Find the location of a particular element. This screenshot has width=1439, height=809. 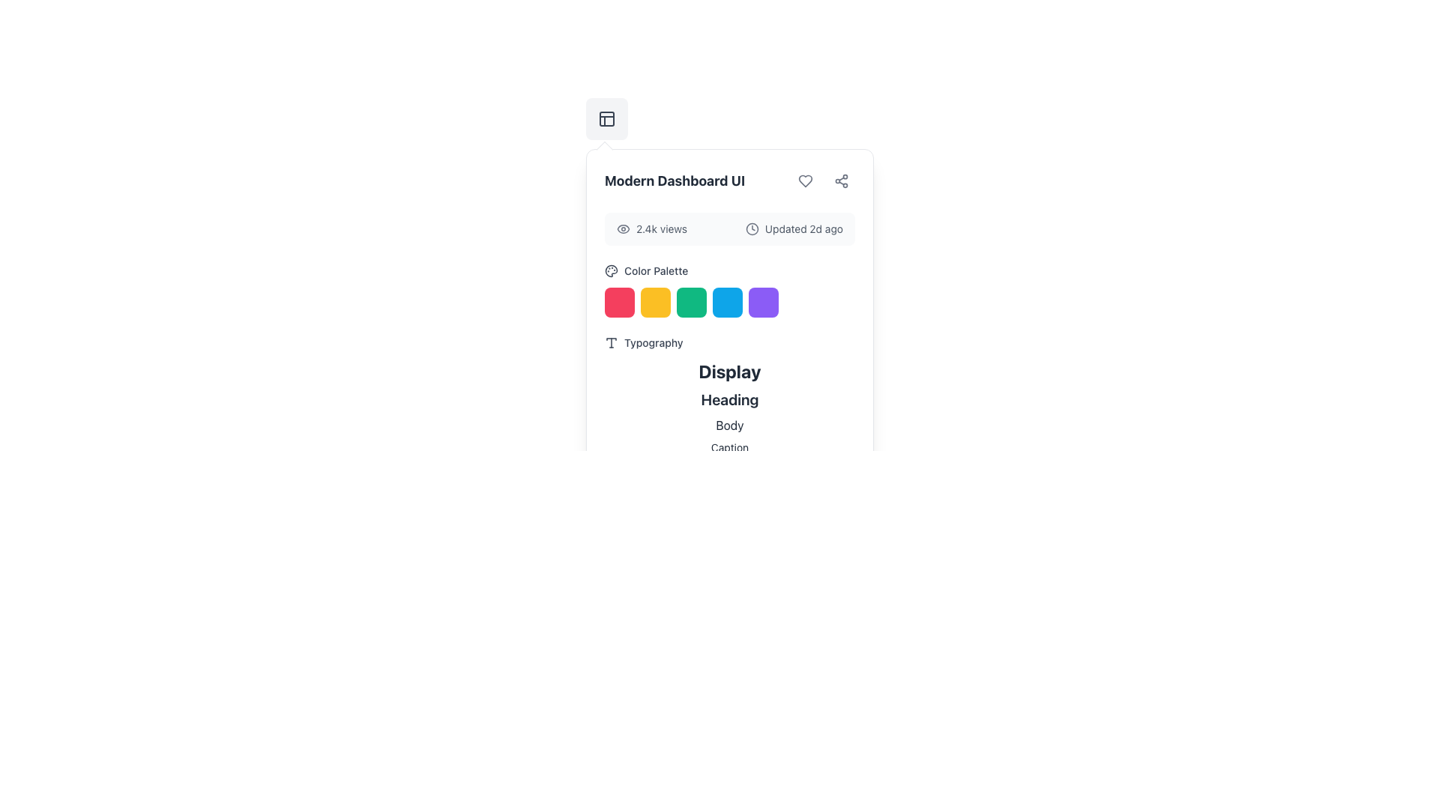

circular SVG shape element of the clock icon located in the top-right section of the card layout using developer tools is located at coordinates (752, 228).